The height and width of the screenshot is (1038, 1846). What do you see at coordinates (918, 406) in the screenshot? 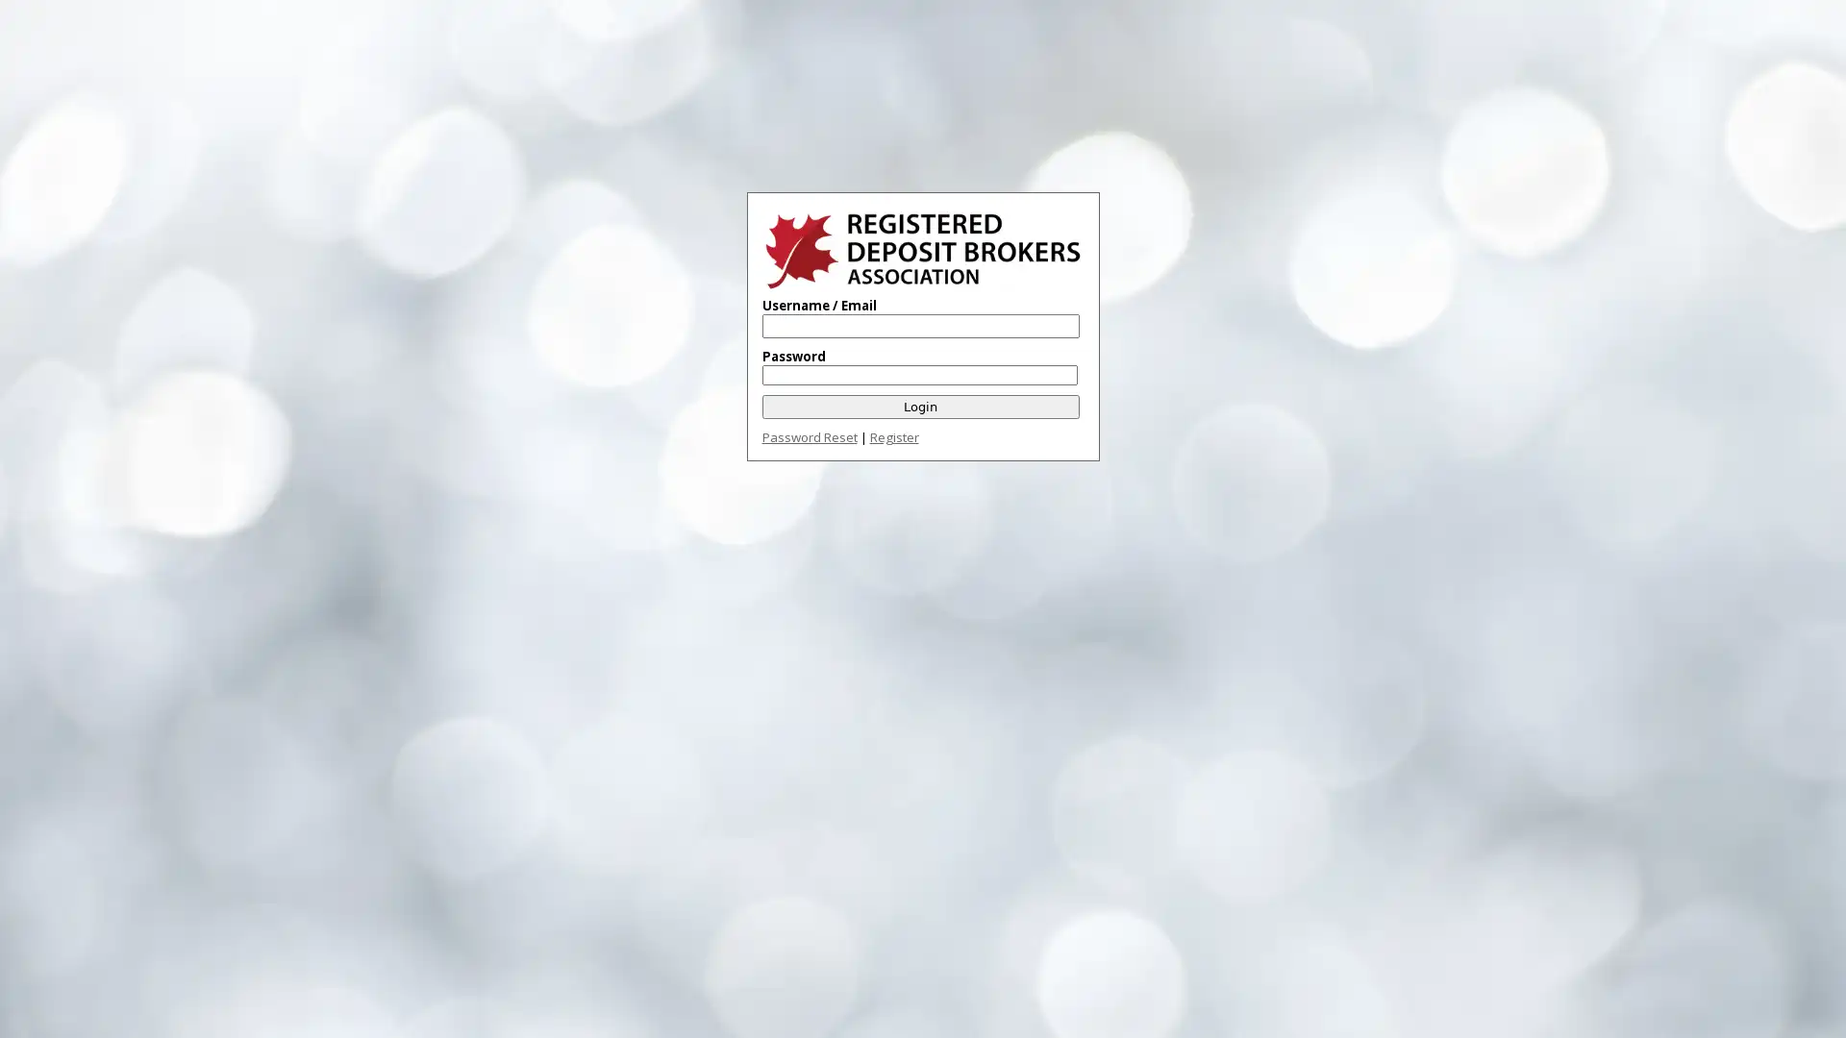
I see `Login` at bounding box center [918, 406].